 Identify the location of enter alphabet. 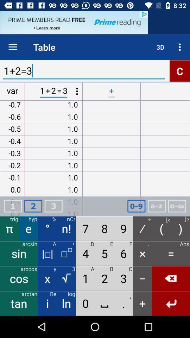
(157, 206).